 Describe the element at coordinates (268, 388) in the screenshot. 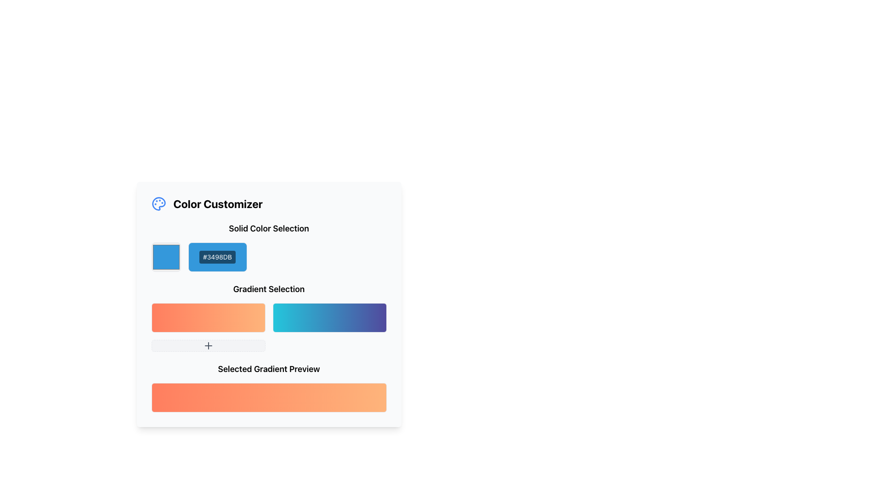

I see `the gradient preview element labeled 'Selected Gradient Preview', which is a gradient-filled rectangular box located at the bottom of the 'Color Customizer' section` at that location.